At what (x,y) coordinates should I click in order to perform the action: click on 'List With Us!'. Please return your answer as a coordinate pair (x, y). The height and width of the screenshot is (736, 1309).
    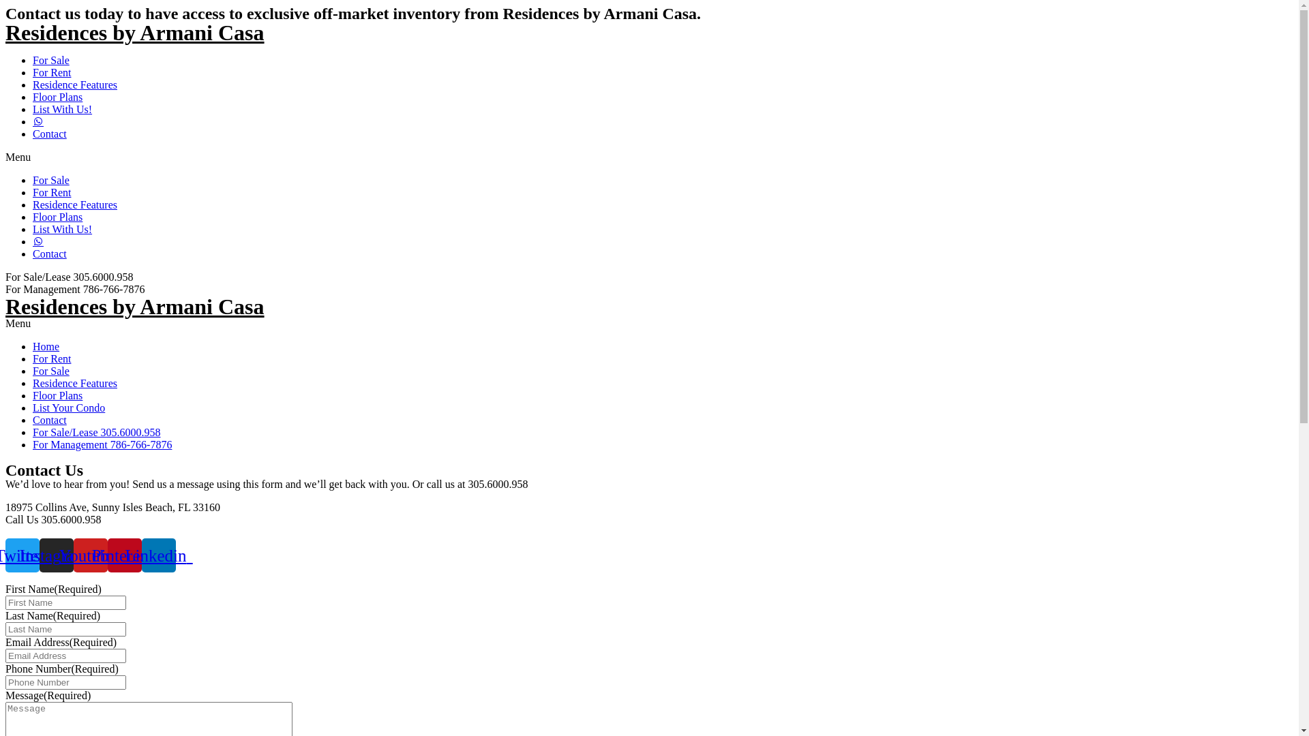
    Looking at the image, I should click on (61, 108).